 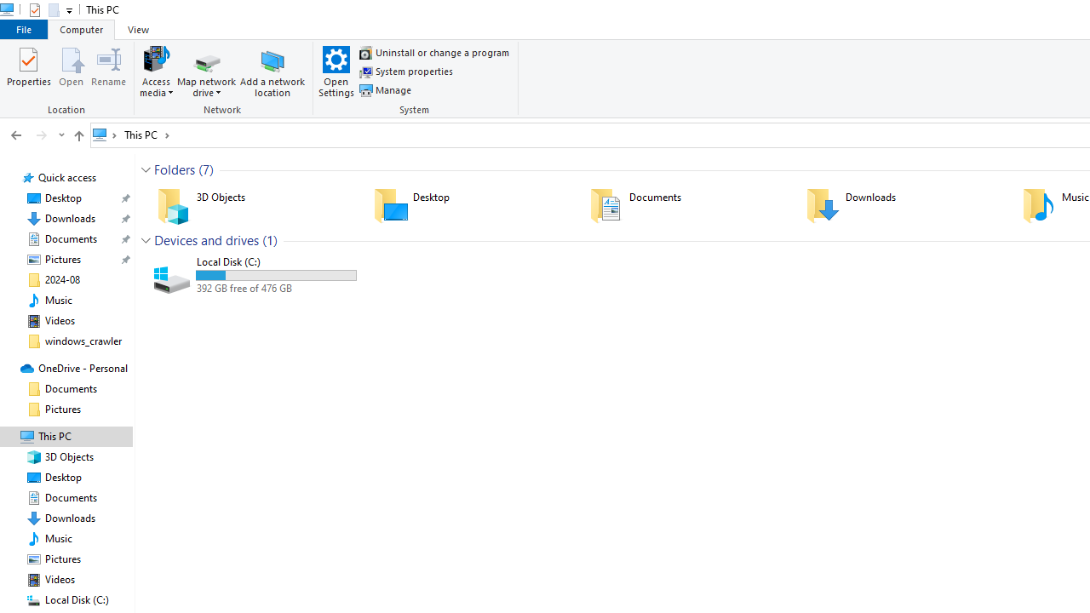 What do you see at coordinates (60, 135) in the screenshot?
I see `'Recent locations'` at bounding box center [60, 135].